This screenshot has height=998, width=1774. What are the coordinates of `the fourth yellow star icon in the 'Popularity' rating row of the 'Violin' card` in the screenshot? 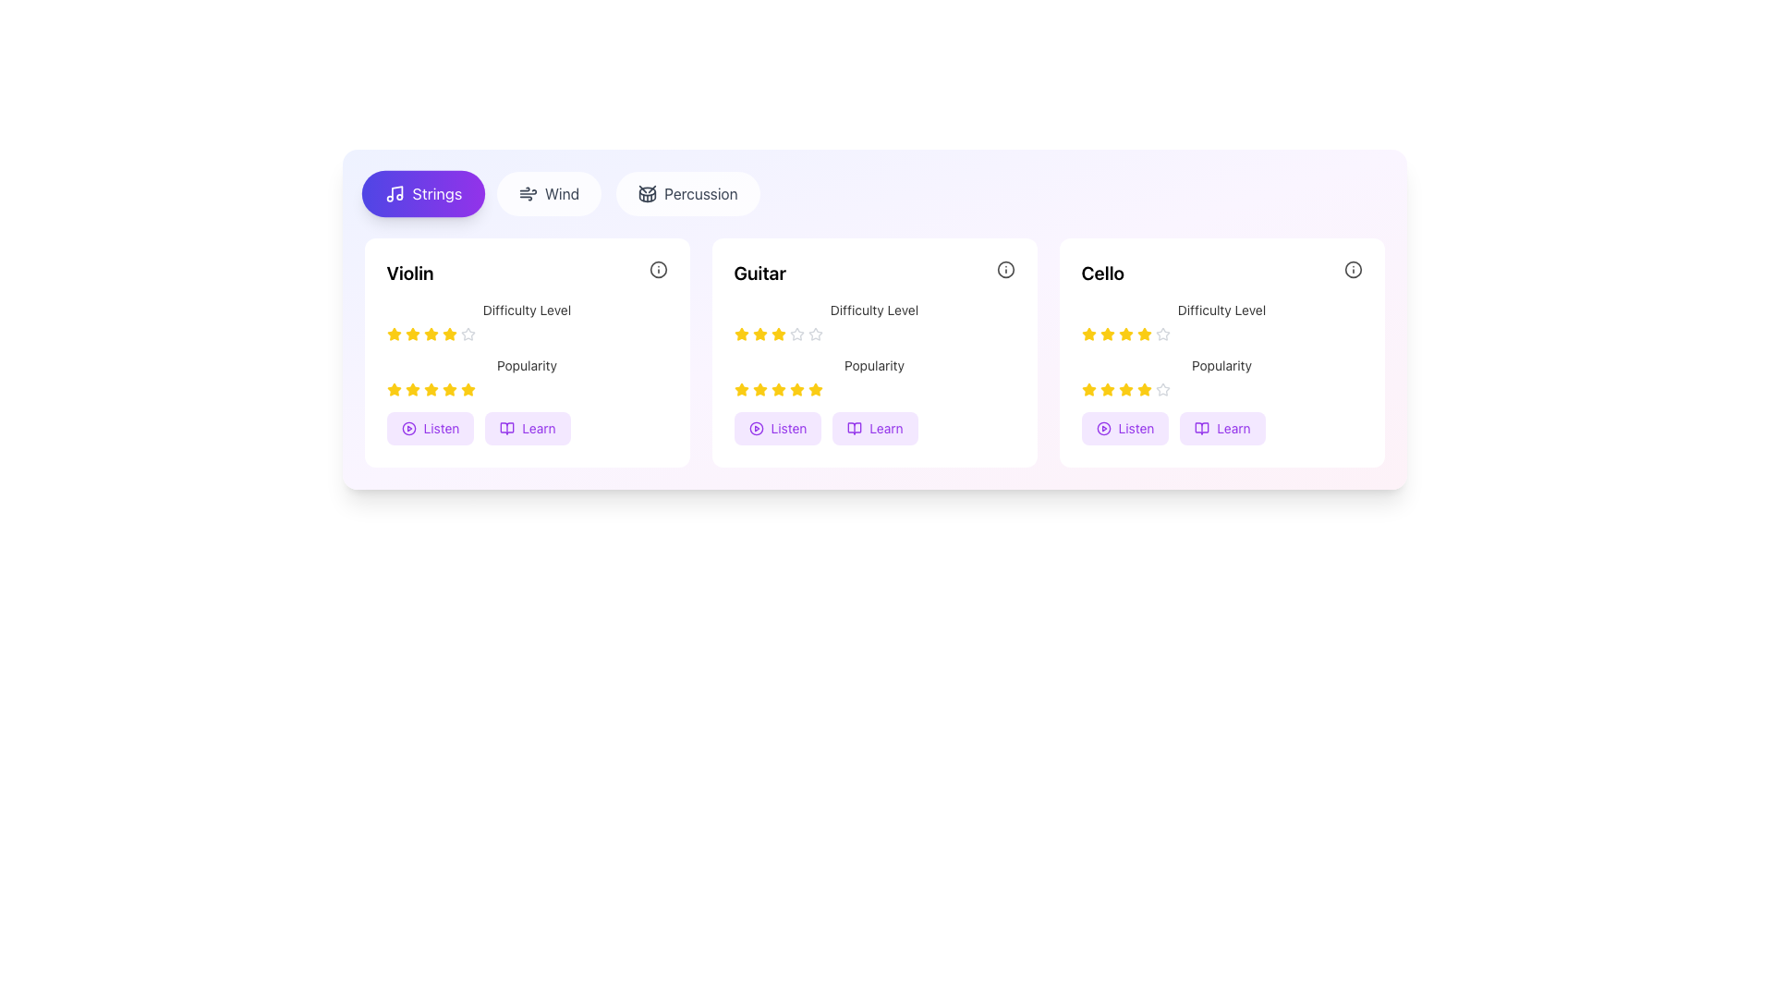 It's located at (393, 388).